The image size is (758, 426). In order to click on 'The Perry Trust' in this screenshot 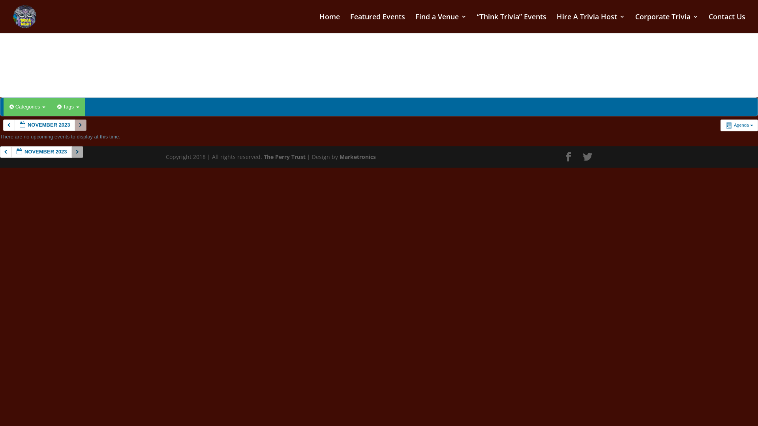, I will do `click(284, 157)`.